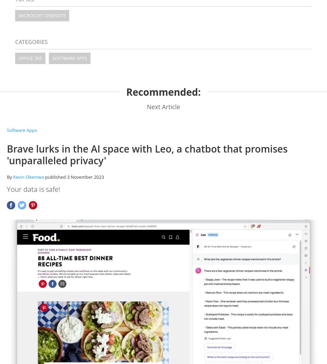 The height and width of the screenshot is (364, 327). Describe the element at coordinates (10, 176) in the screenshot. I see `'By'` at that location.